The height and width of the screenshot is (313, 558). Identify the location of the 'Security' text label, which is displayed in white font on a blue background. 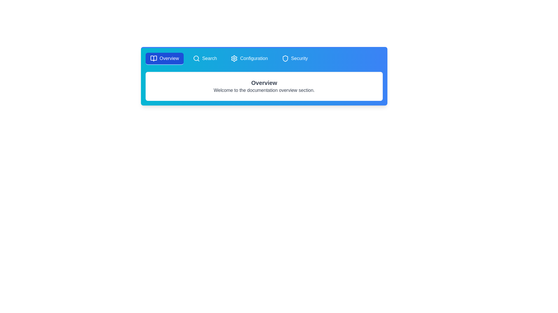
(299, 58).